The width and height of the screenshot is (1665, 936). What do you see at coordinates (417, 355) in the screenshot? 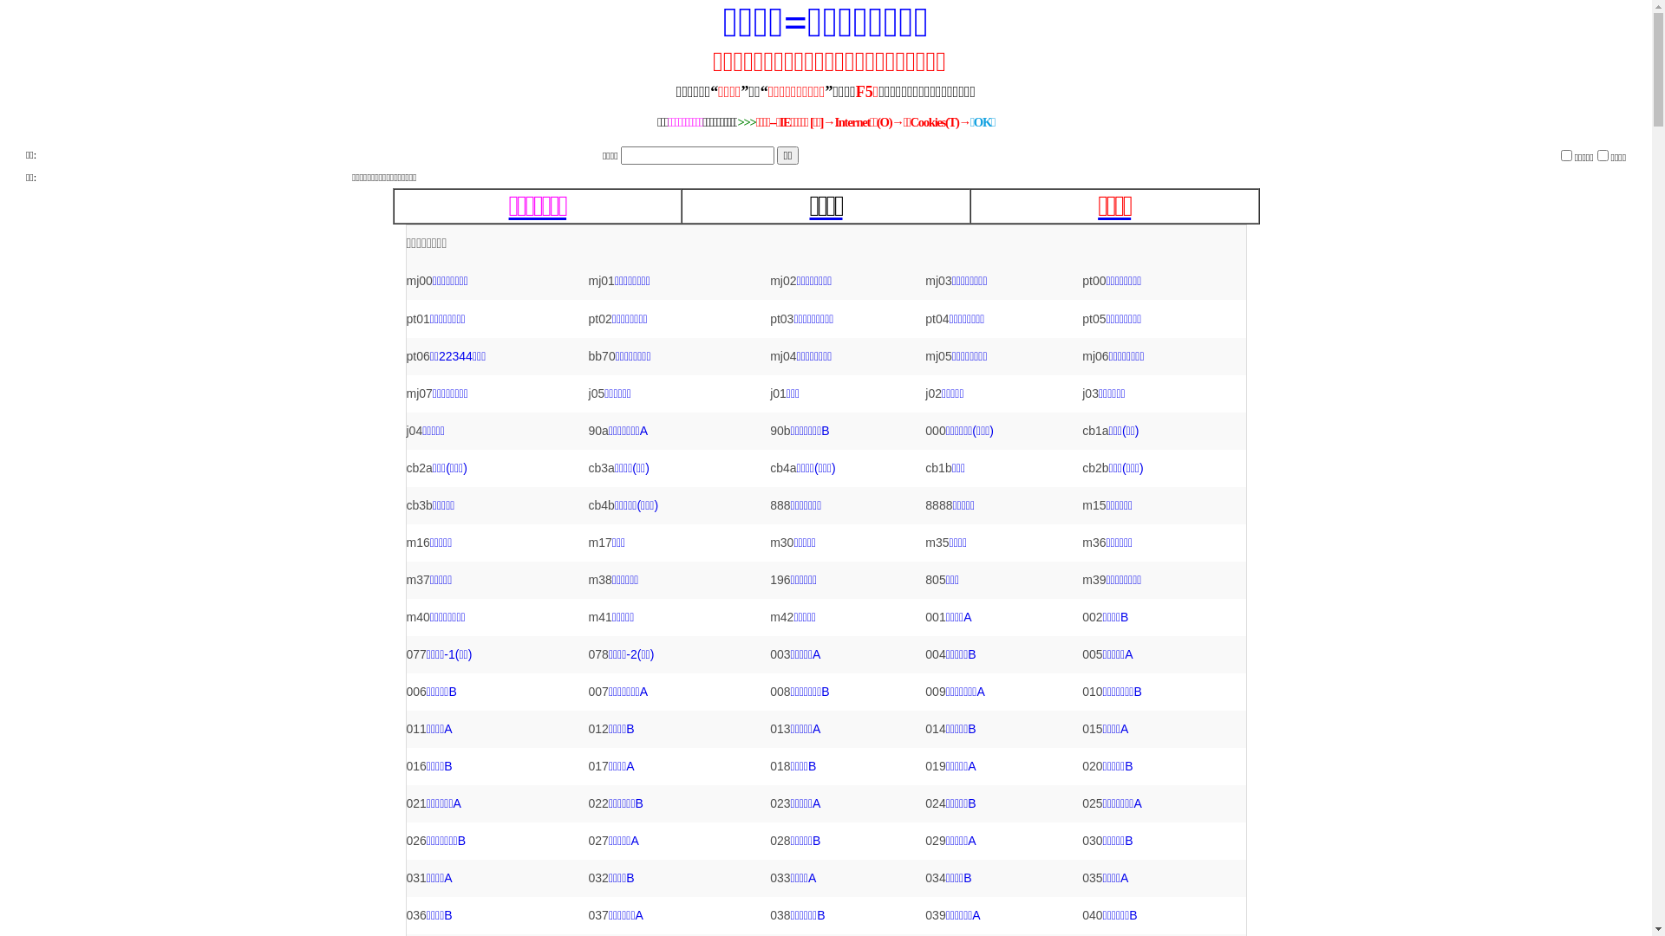
I see `'pt06'` at bounding box center [417, 355].